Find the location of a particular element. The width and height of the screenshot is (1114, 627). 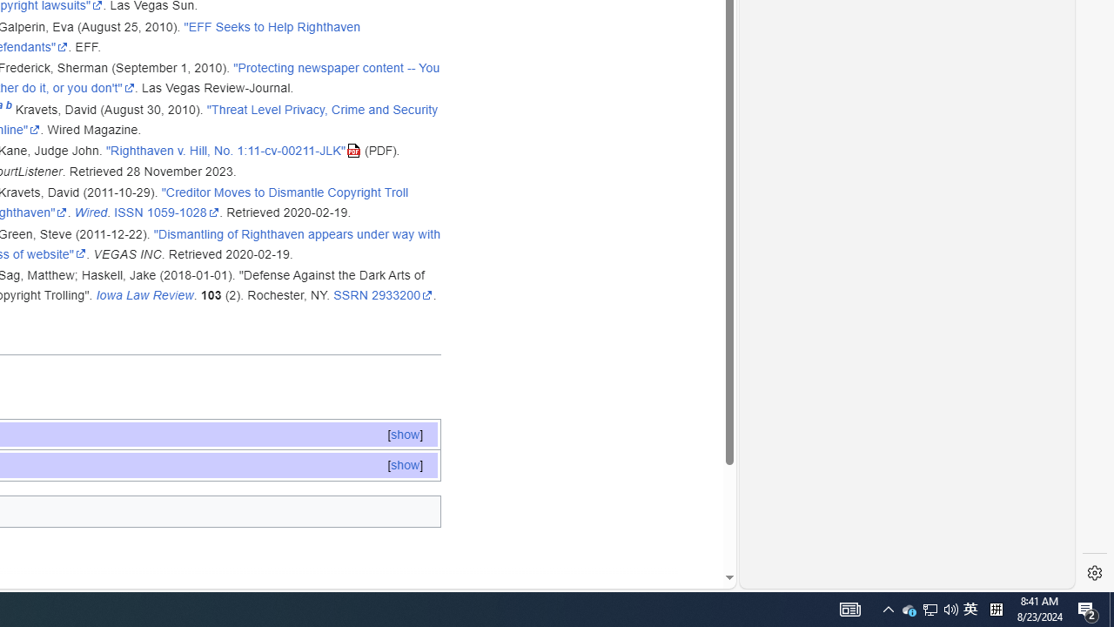

'Wired' is located at coordinates (90, 212).